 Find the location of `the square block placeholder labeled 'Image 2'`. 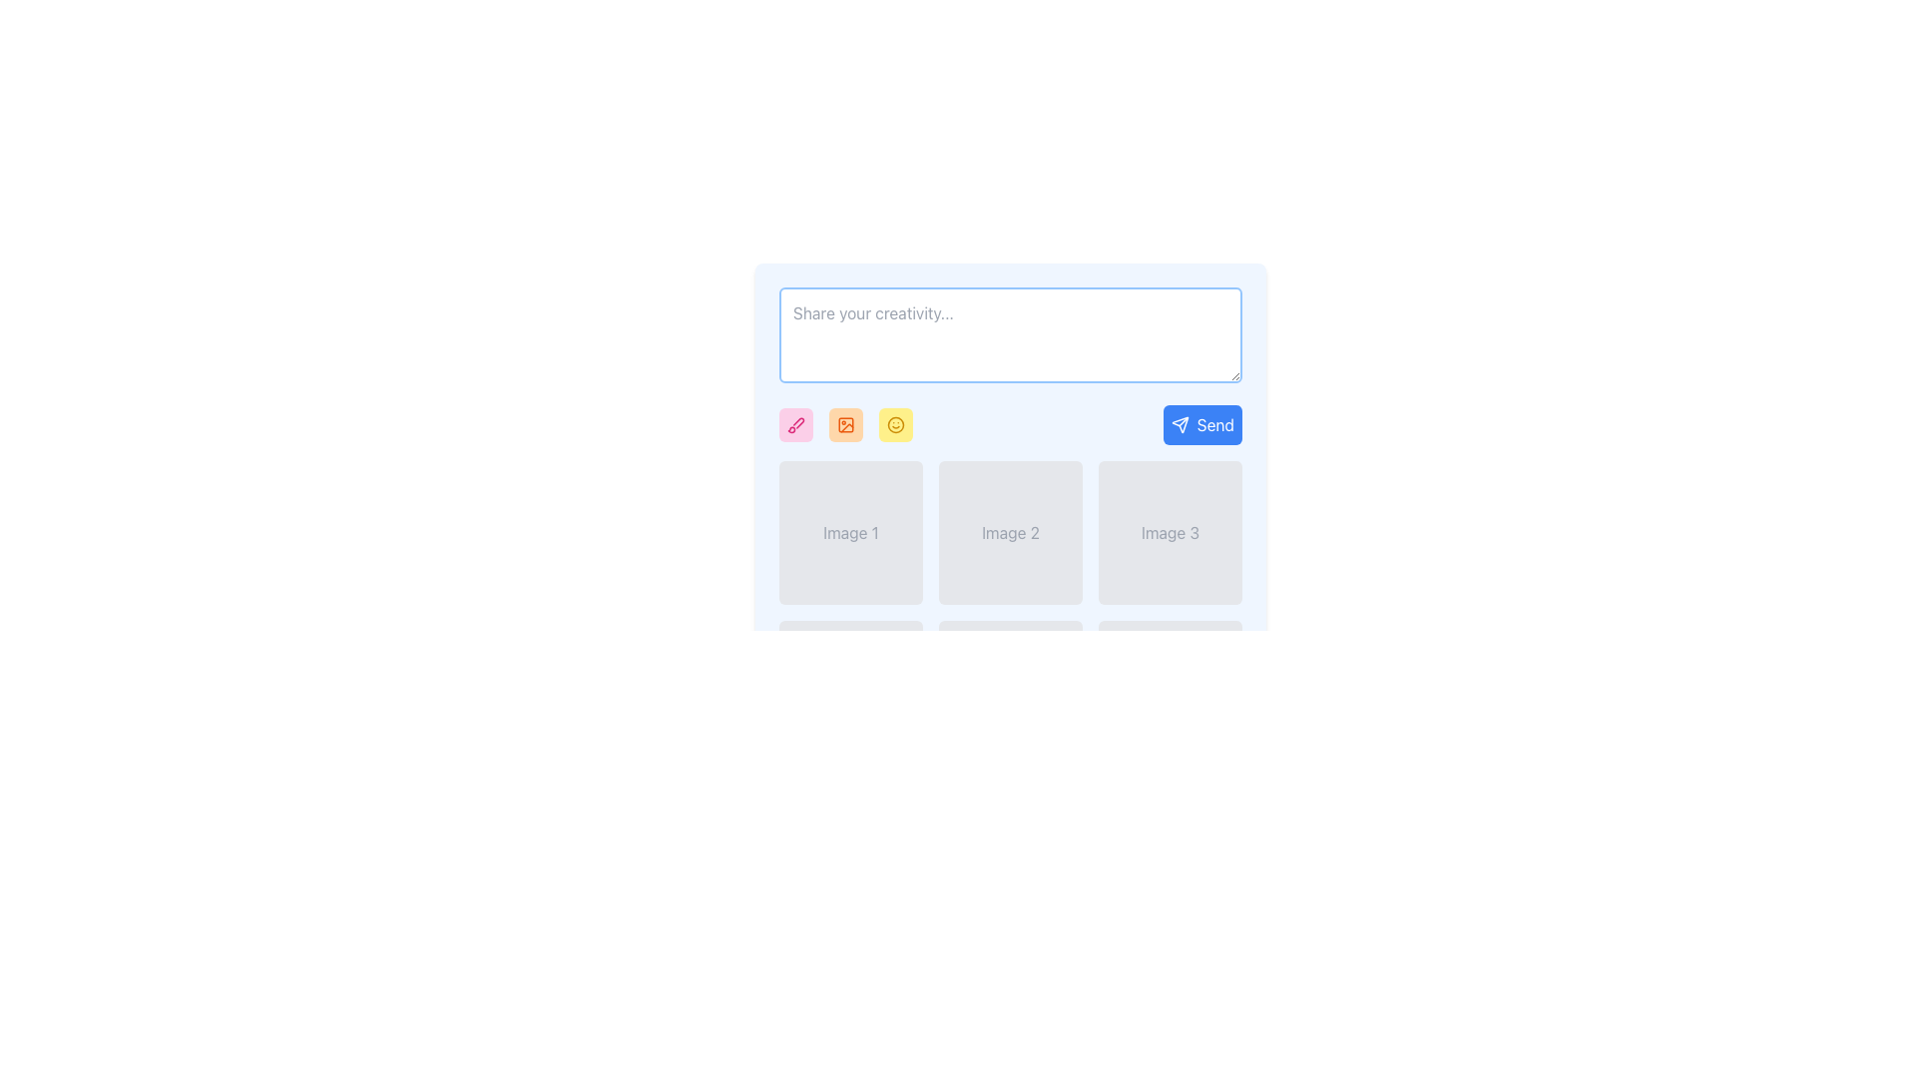

the square block placeholder labeled 'Image 2' is located at coordinates (1010, 531).